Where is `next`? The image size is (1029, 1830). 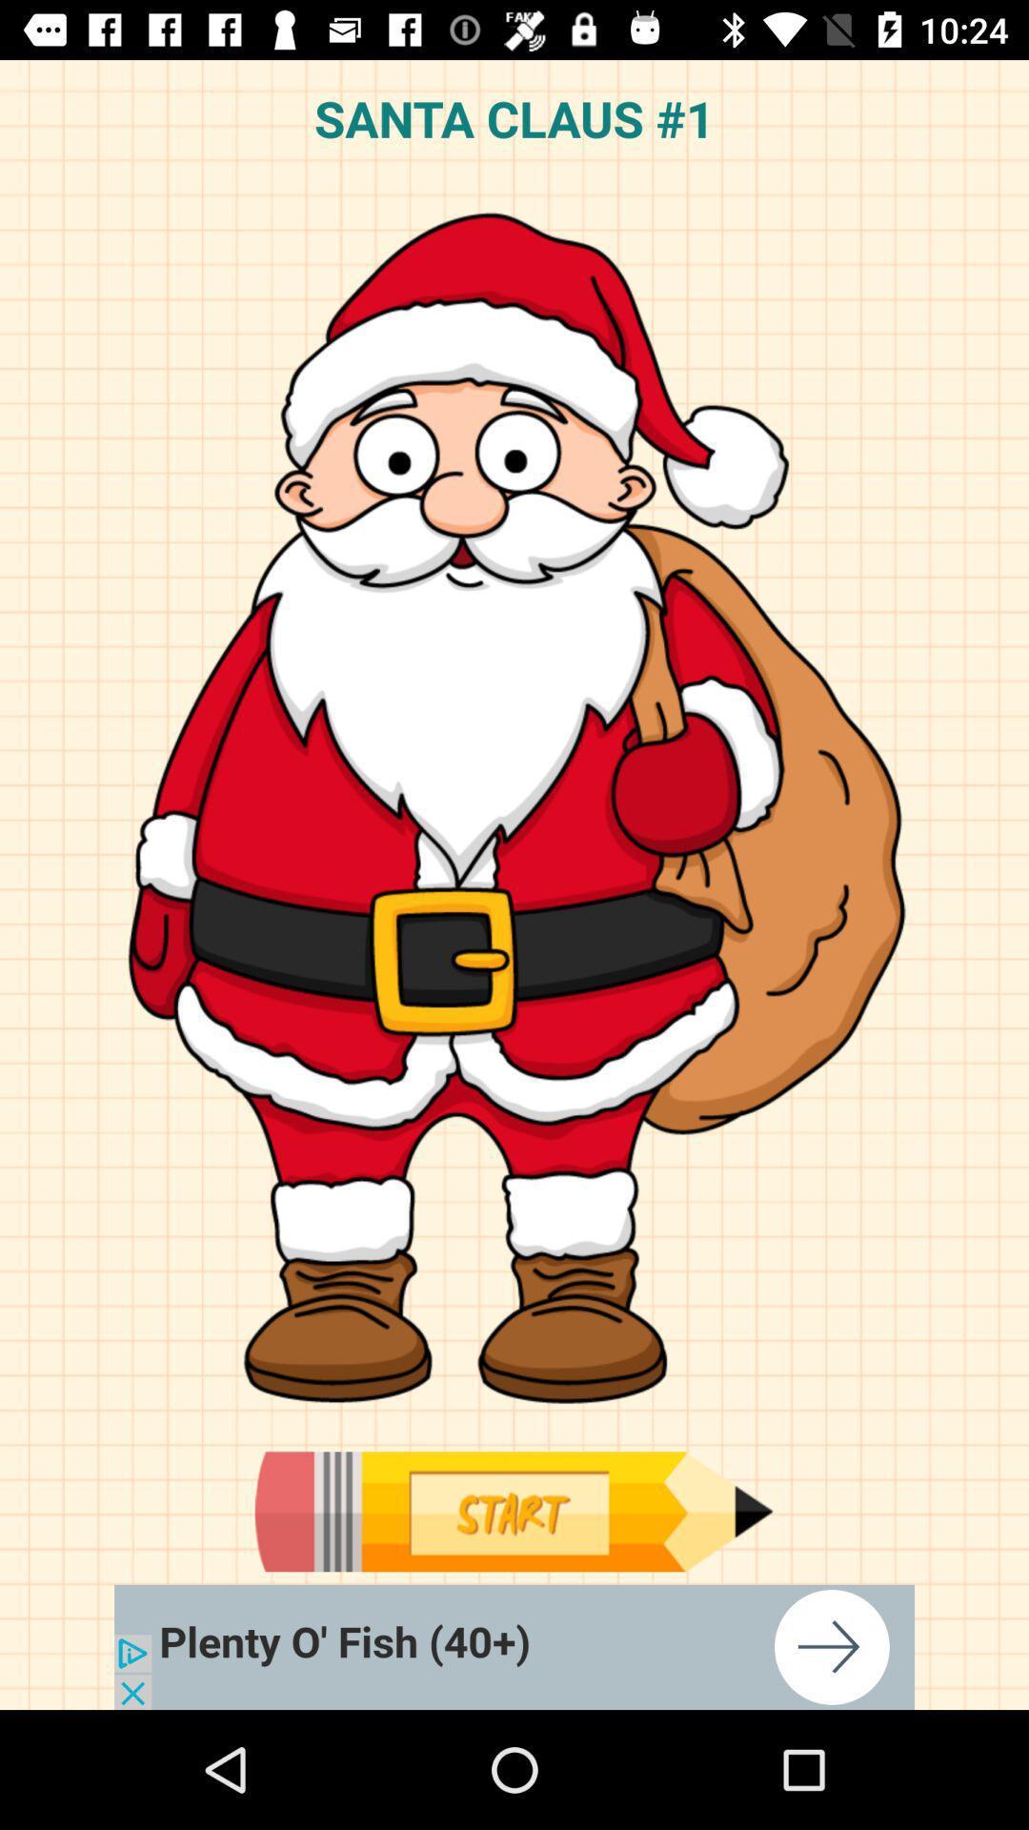 next is located at coordinates (514, 1646).